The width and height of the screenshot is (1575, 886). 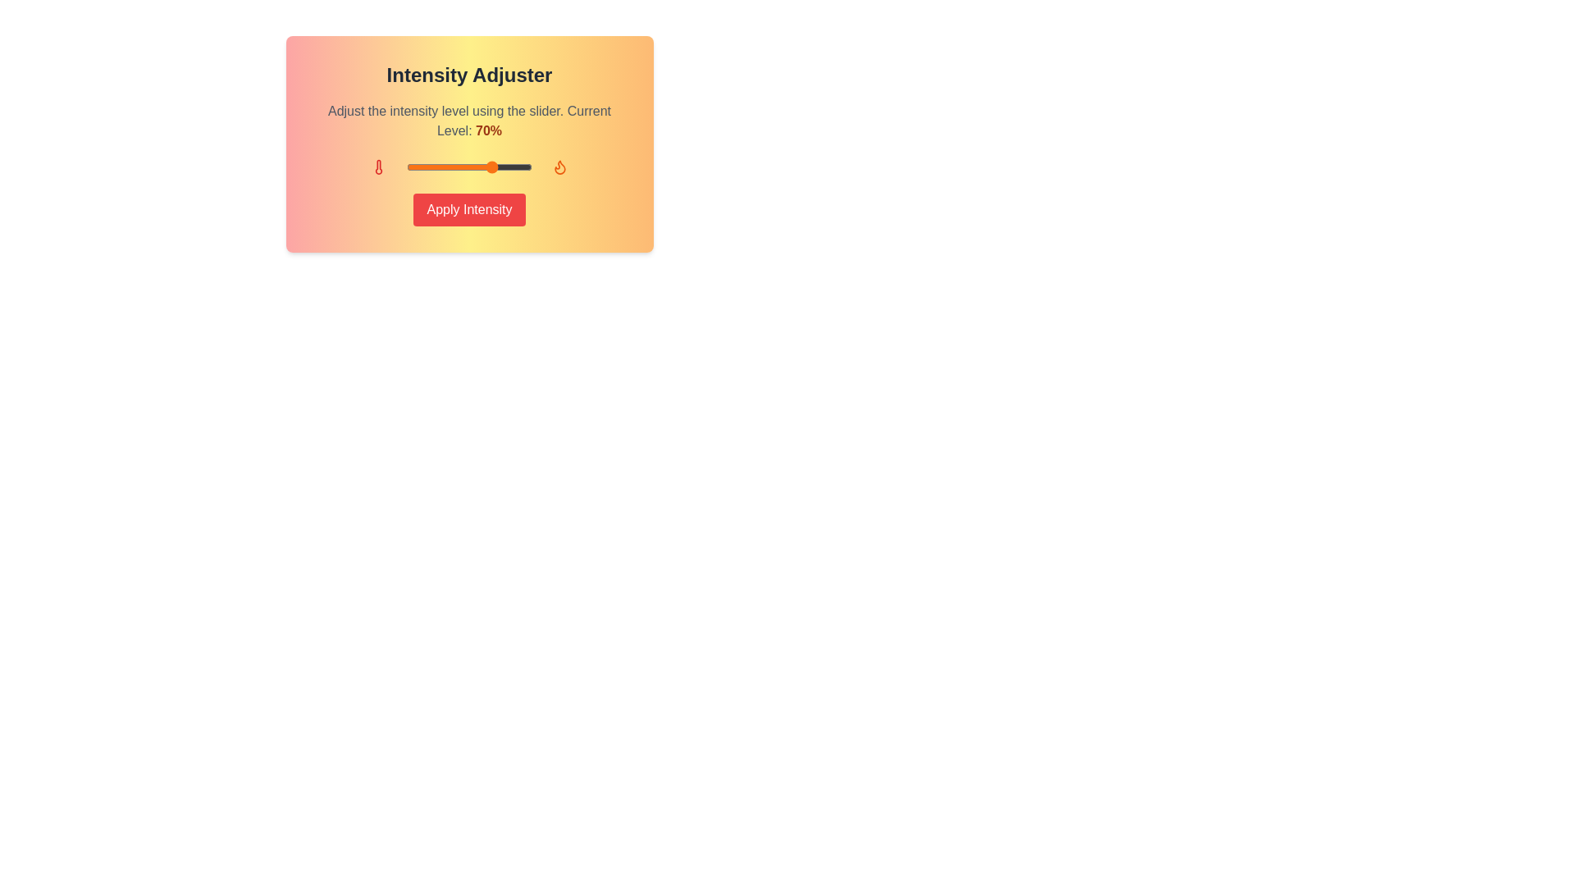 What do you see at coordinates (468, 208) in the screenshot?
I see `'Apply Intensity' button to submit the current intensity` at bounding box center [468, 208].